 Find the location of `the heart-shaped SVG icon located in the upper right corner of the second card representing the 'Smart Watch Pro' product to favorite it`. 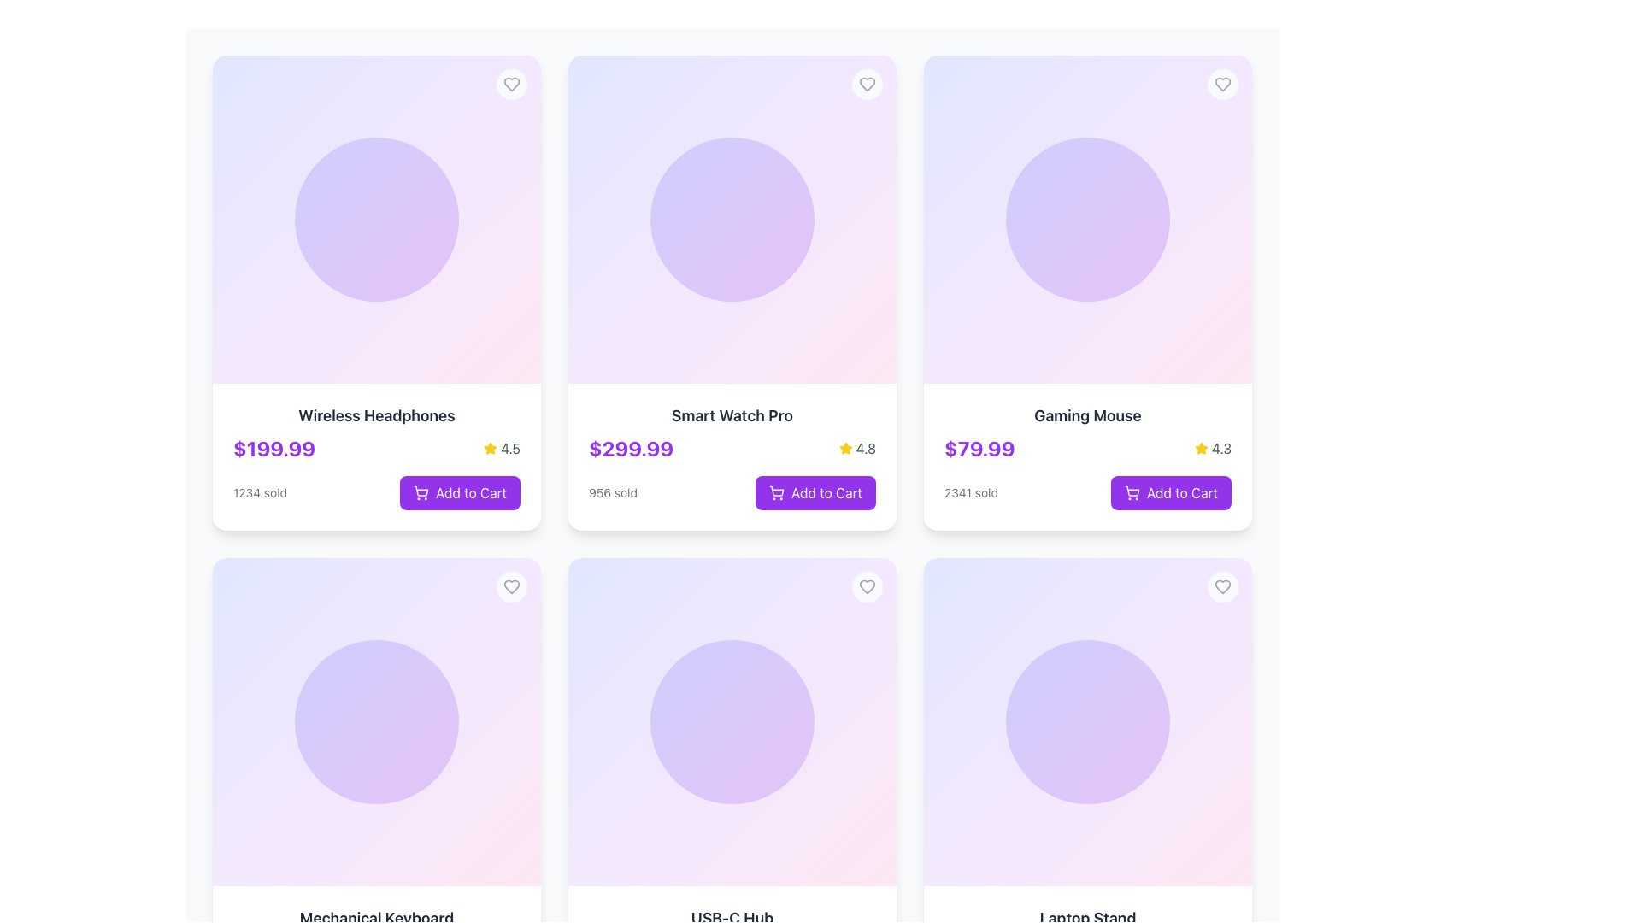

the heart-shaped SVG icon located in the upper right corner of the second card representing the 'Smart Watch Pro' product to favorite it is located at coordinates (867, 85).